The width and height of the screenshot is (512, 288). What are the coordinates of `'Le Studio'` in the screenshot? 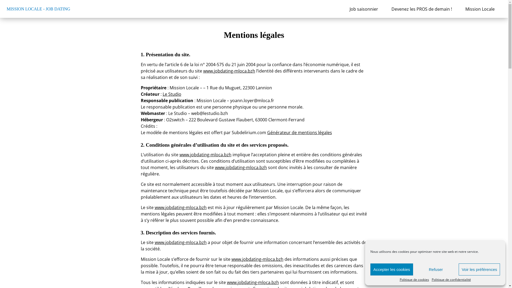 It's located at (162, 94).